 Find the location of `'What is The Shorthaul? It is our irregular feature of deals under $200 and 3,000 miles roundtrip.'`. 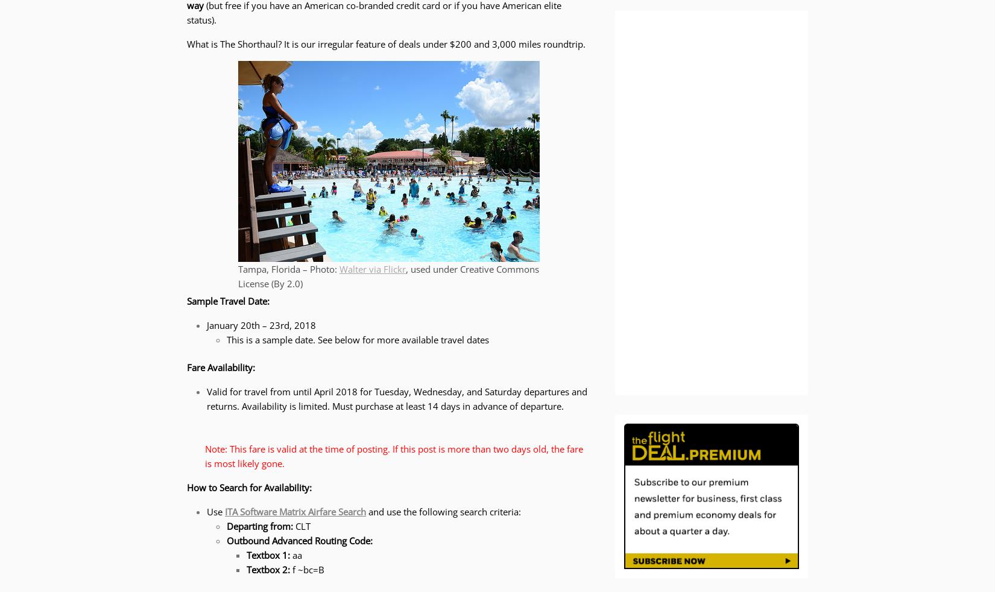

'What is The Shorthaul? It is our irregular feature of deals under $200 and 3,000 miles roundtrip.' is located at coordinates (385, 43).